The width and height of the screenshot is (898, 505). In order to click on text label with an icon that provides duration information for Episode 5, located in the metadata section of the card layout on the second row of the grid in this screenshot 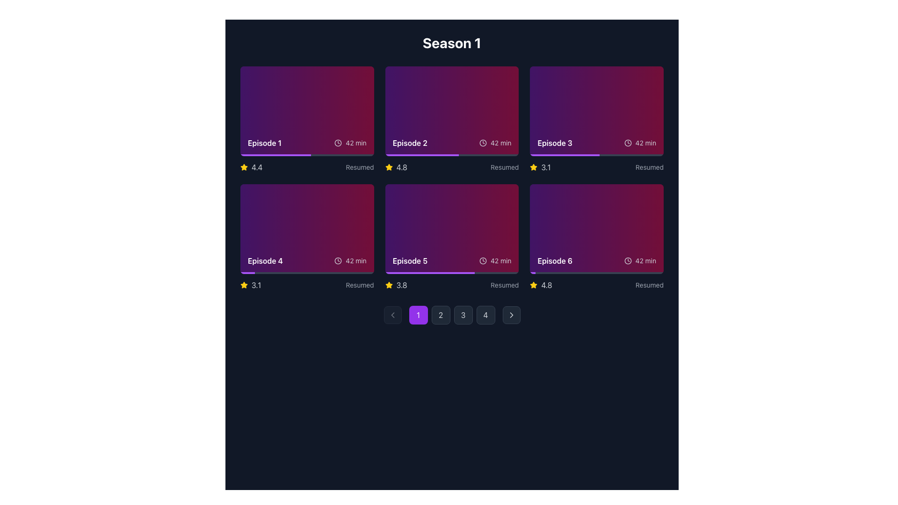, I will do `click(495, 261)`.